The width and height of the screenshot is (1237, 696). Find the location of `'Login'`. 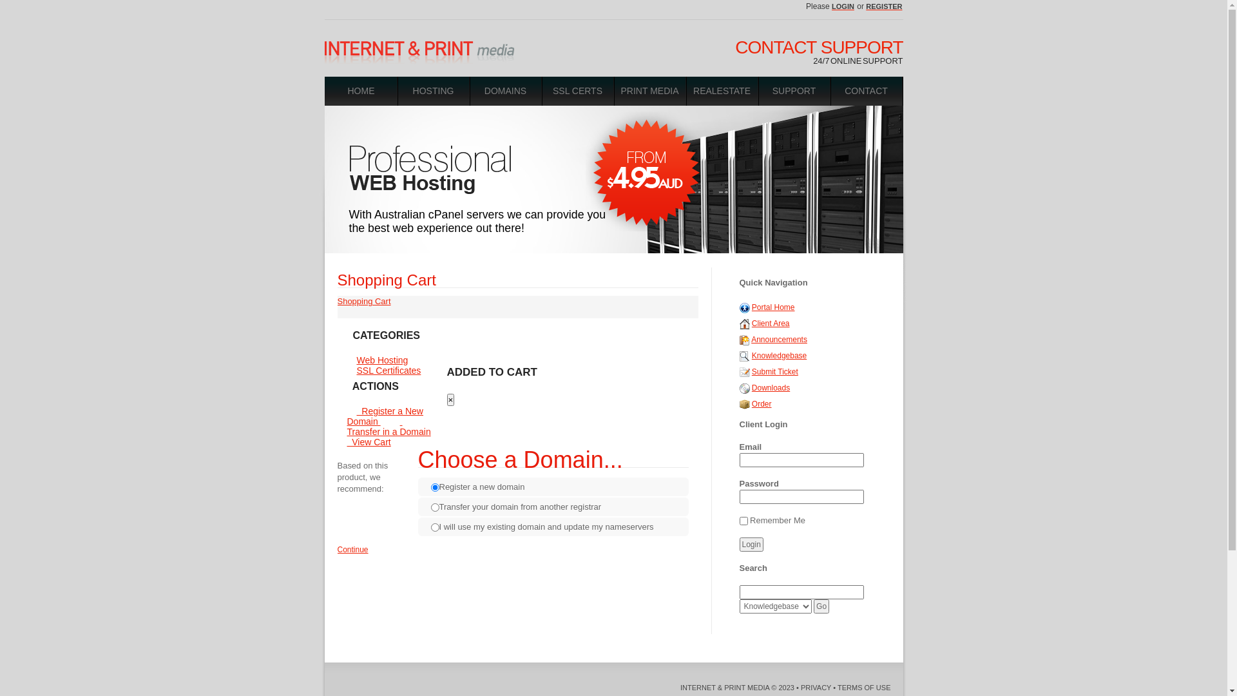

'Login' is located at coordinates (739, 544).